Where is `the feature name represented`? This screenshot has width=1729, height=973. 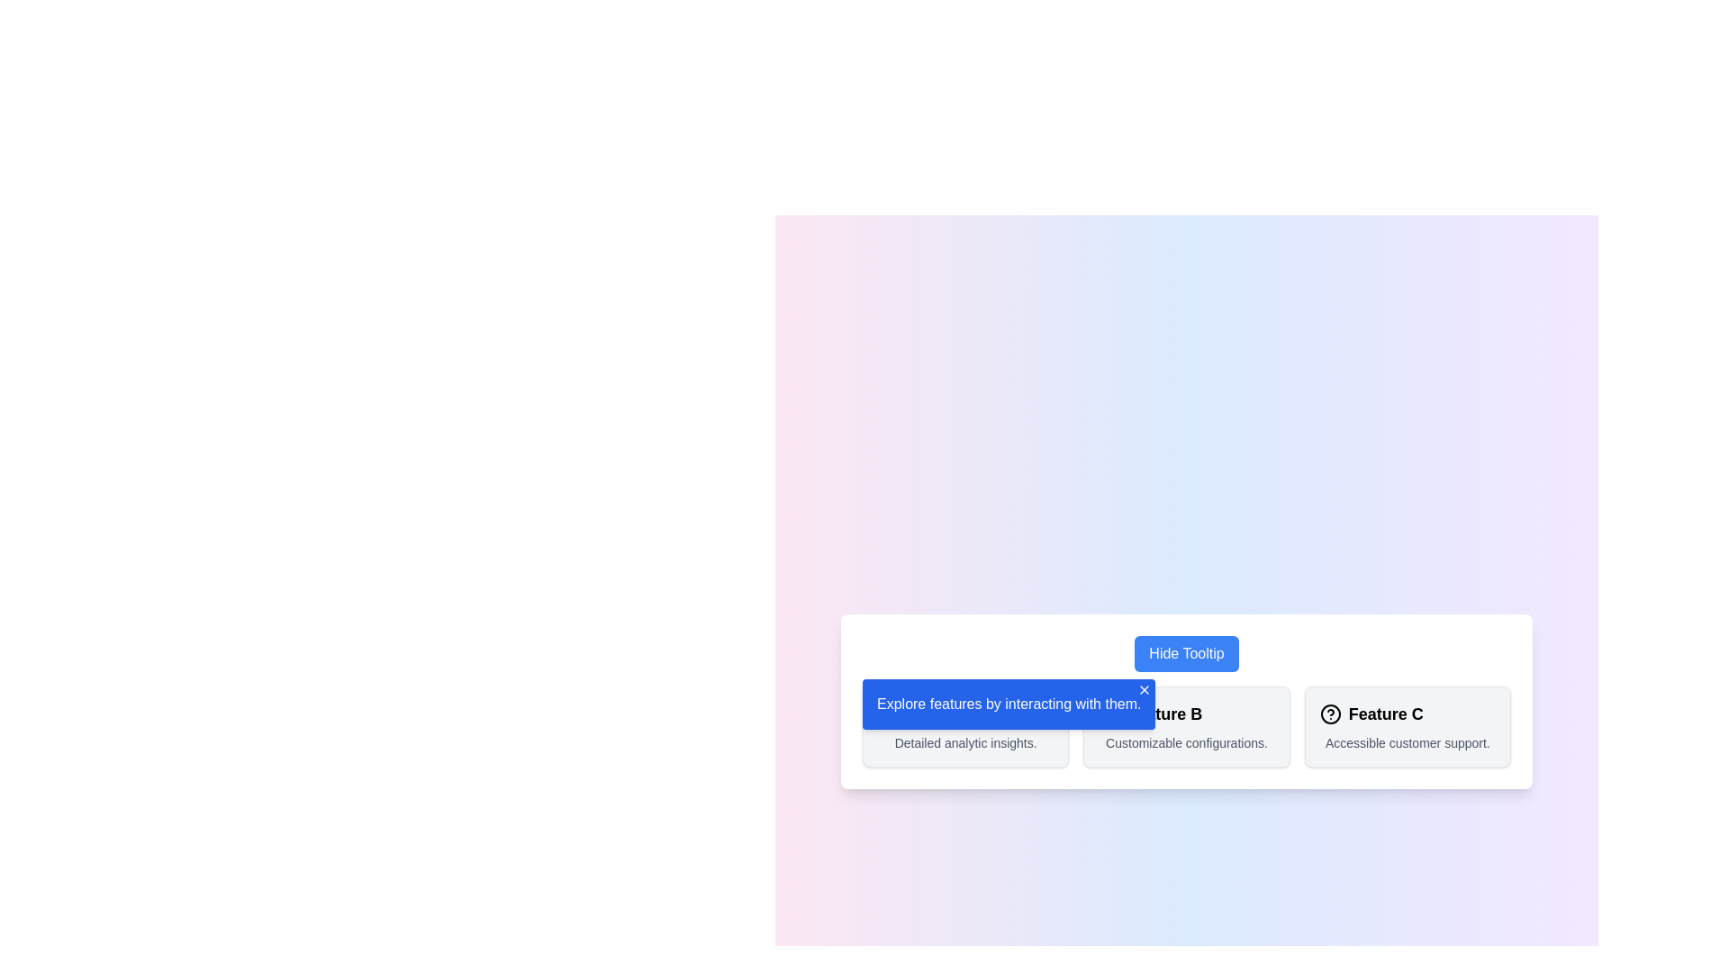 the feature name represented is located at coordinates (1407, 714).